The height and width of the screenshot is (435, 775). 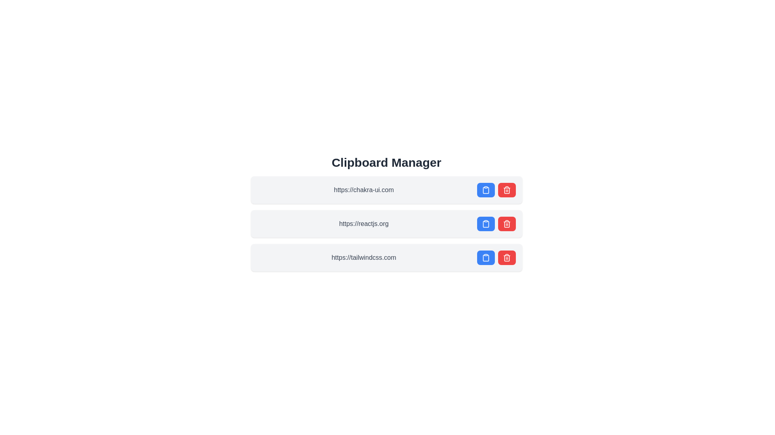 What do you see at coordinates (506, 190) in the screenshot?
I see `the delete button located in the second row of a vertically stacked list of containers` at bounding box center [506, 190].